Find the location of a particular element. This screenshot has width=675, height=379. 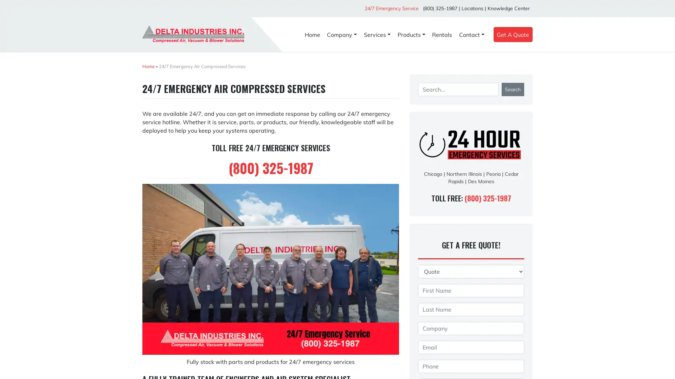

Search is located at coordinates (513, 89).